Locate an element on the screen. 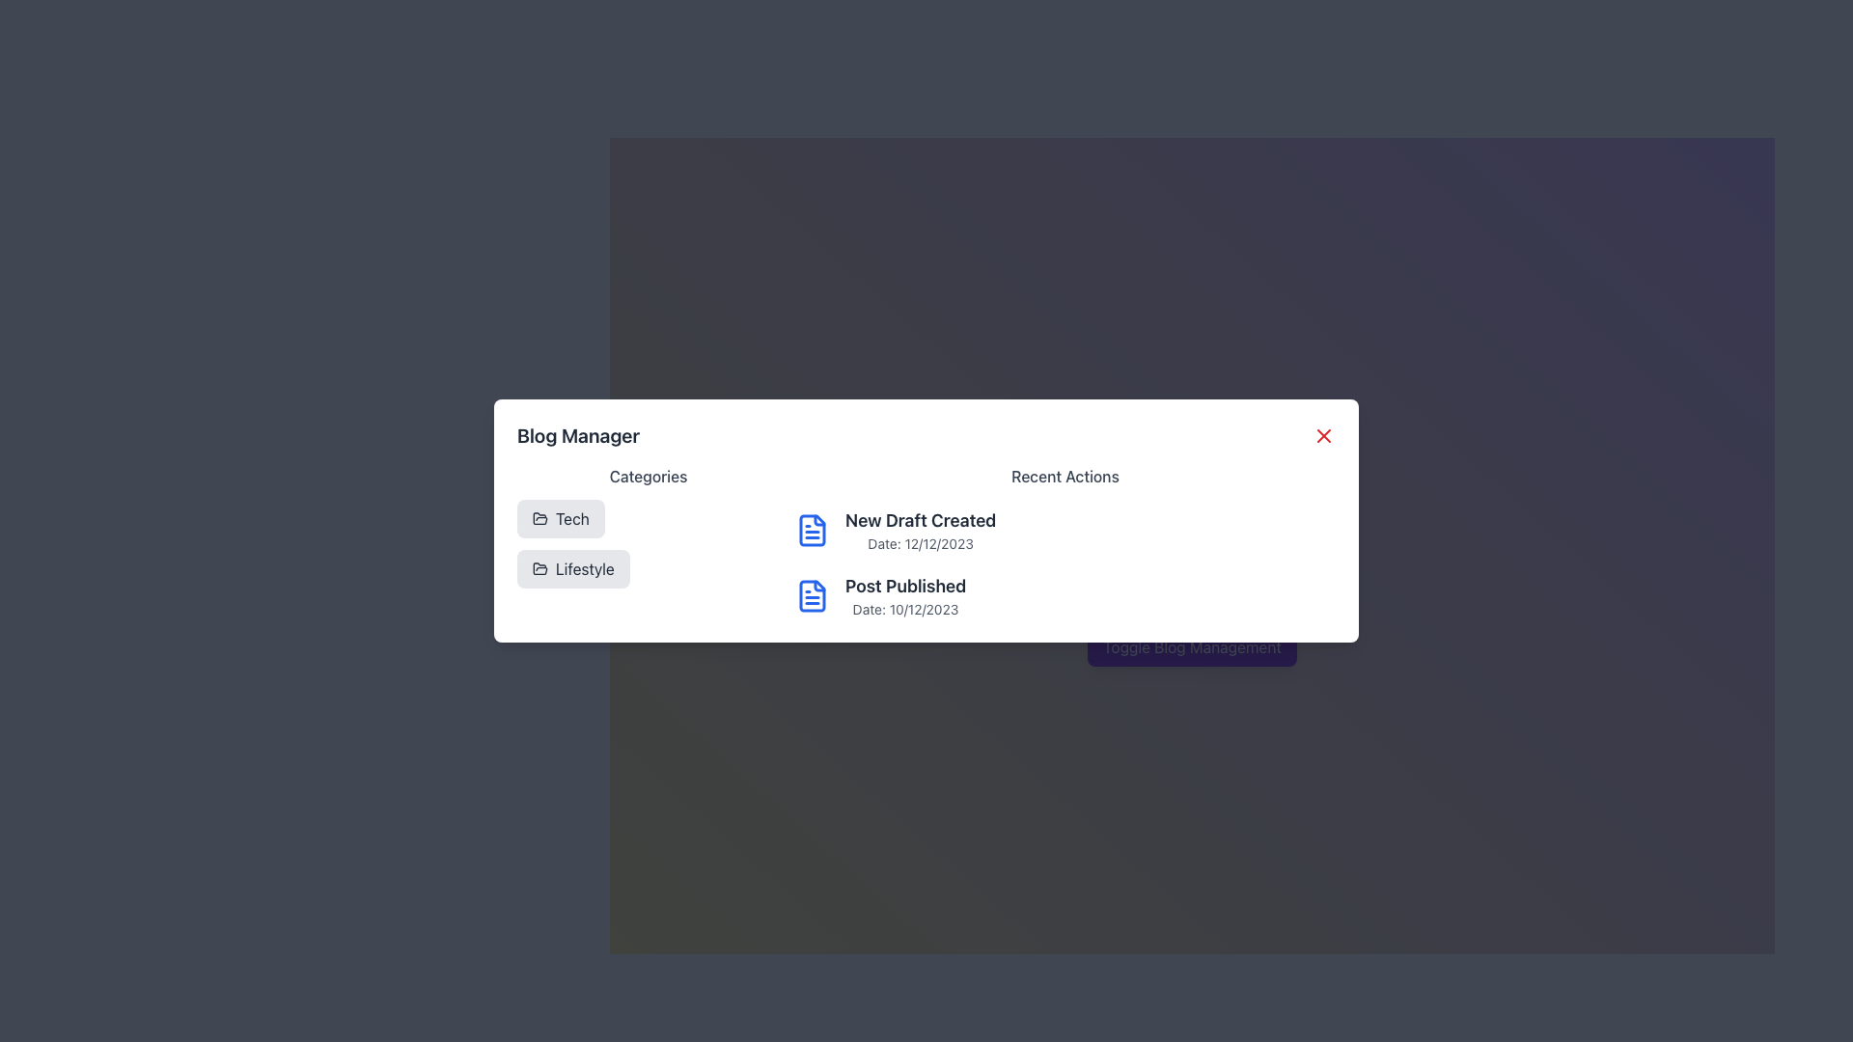  the icon representing a document or file in the 'Recent Actions' section of the 'Blog Manager' interface, specifically indicating the 'New Draft Created' action is located at coordinates (812, 594).